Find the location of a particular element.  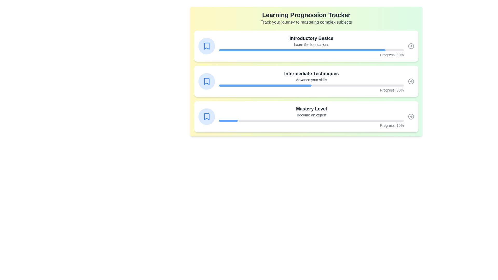

the Progress Bar element that visually represents the progress of the 'Intermediate Techniques' section, indicating 50% completion is located at coordinates (311, 85).